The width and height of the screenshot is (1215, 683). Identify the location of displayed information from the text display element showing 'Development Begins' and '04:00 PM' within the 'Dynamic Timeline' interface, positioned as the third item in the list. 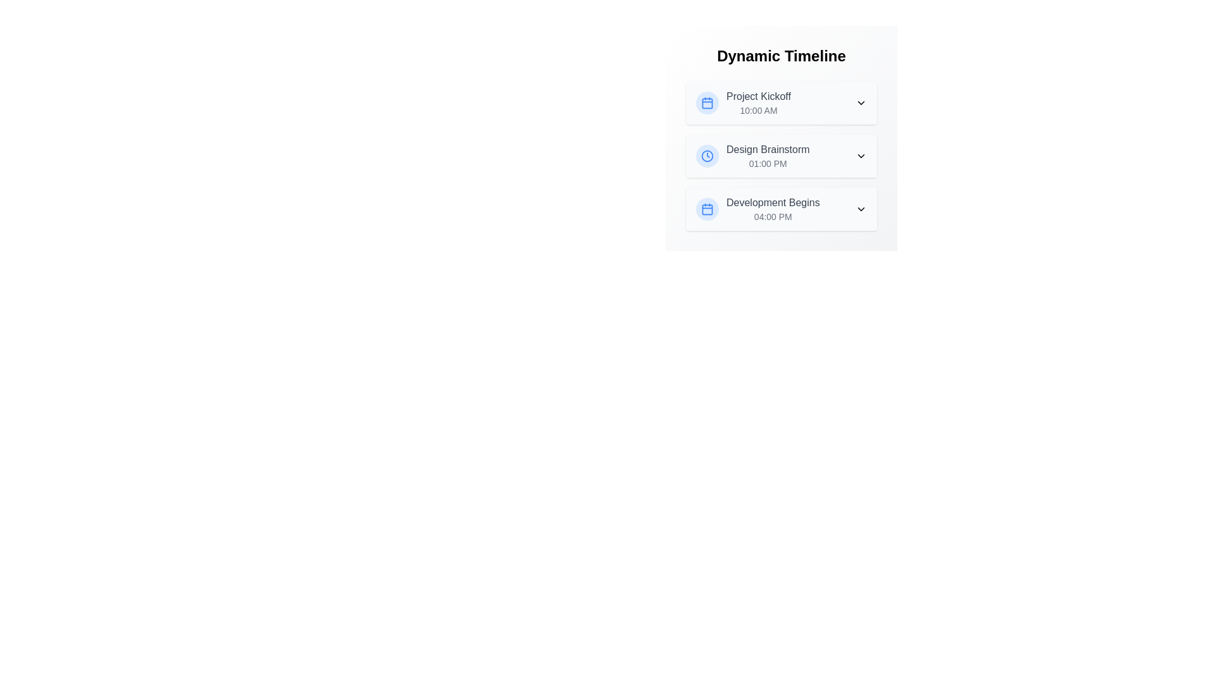
(772, 209).